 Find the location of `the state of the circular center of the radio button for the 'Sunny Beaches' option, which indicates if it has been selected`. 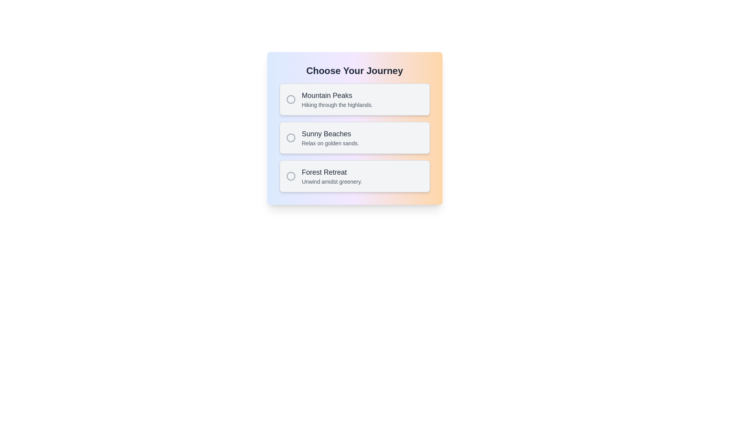

the state of the circular center of the radio button for the 'Sunny Beaches' option, which indicates if it has been selected is located at coordinates (290, 137).